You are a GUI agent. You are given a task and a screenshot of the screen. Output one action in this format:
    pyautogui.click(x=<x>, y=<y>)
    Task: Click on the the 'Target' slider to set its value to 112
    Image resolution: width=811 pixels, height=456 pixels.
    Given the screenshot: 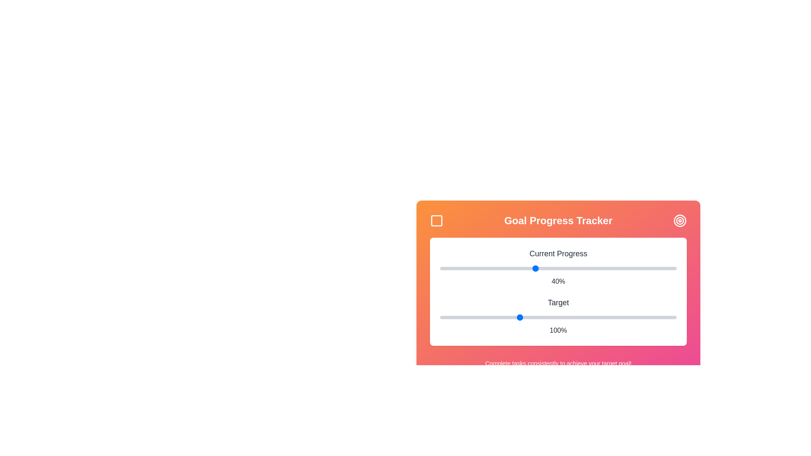 What is the action you would take?
    pyautogui.click(x=537, y=318)
    